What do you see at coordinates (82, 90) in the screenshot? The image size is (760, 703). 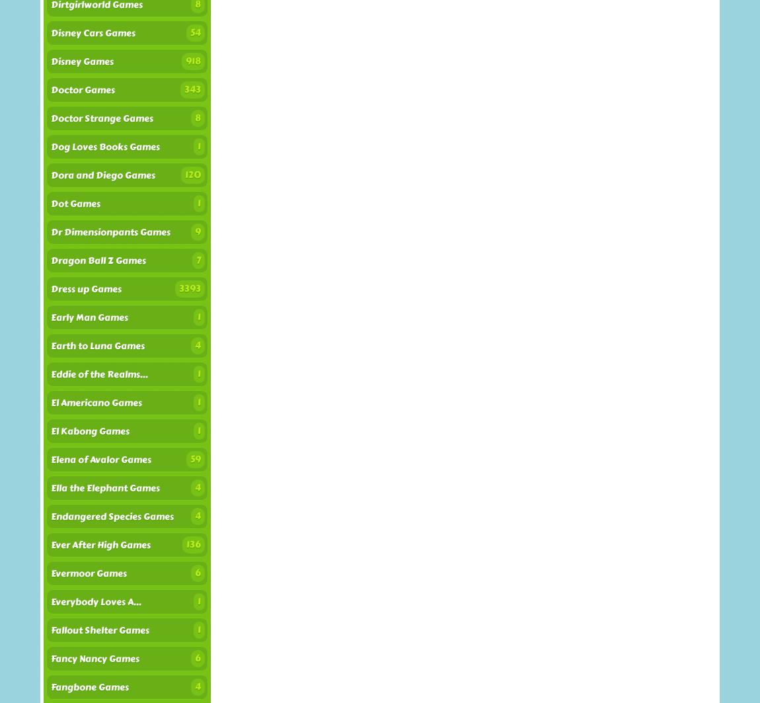 I see `'Doctor Games'` at bounding box center [82, 90].